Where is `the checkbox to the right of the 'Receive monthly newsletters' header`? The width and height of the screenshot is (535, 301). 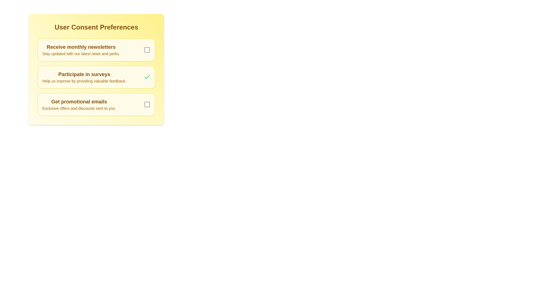 the checkbox to the right of the 'Receive monthly newsletters' header is located at coordinates (147, 49).